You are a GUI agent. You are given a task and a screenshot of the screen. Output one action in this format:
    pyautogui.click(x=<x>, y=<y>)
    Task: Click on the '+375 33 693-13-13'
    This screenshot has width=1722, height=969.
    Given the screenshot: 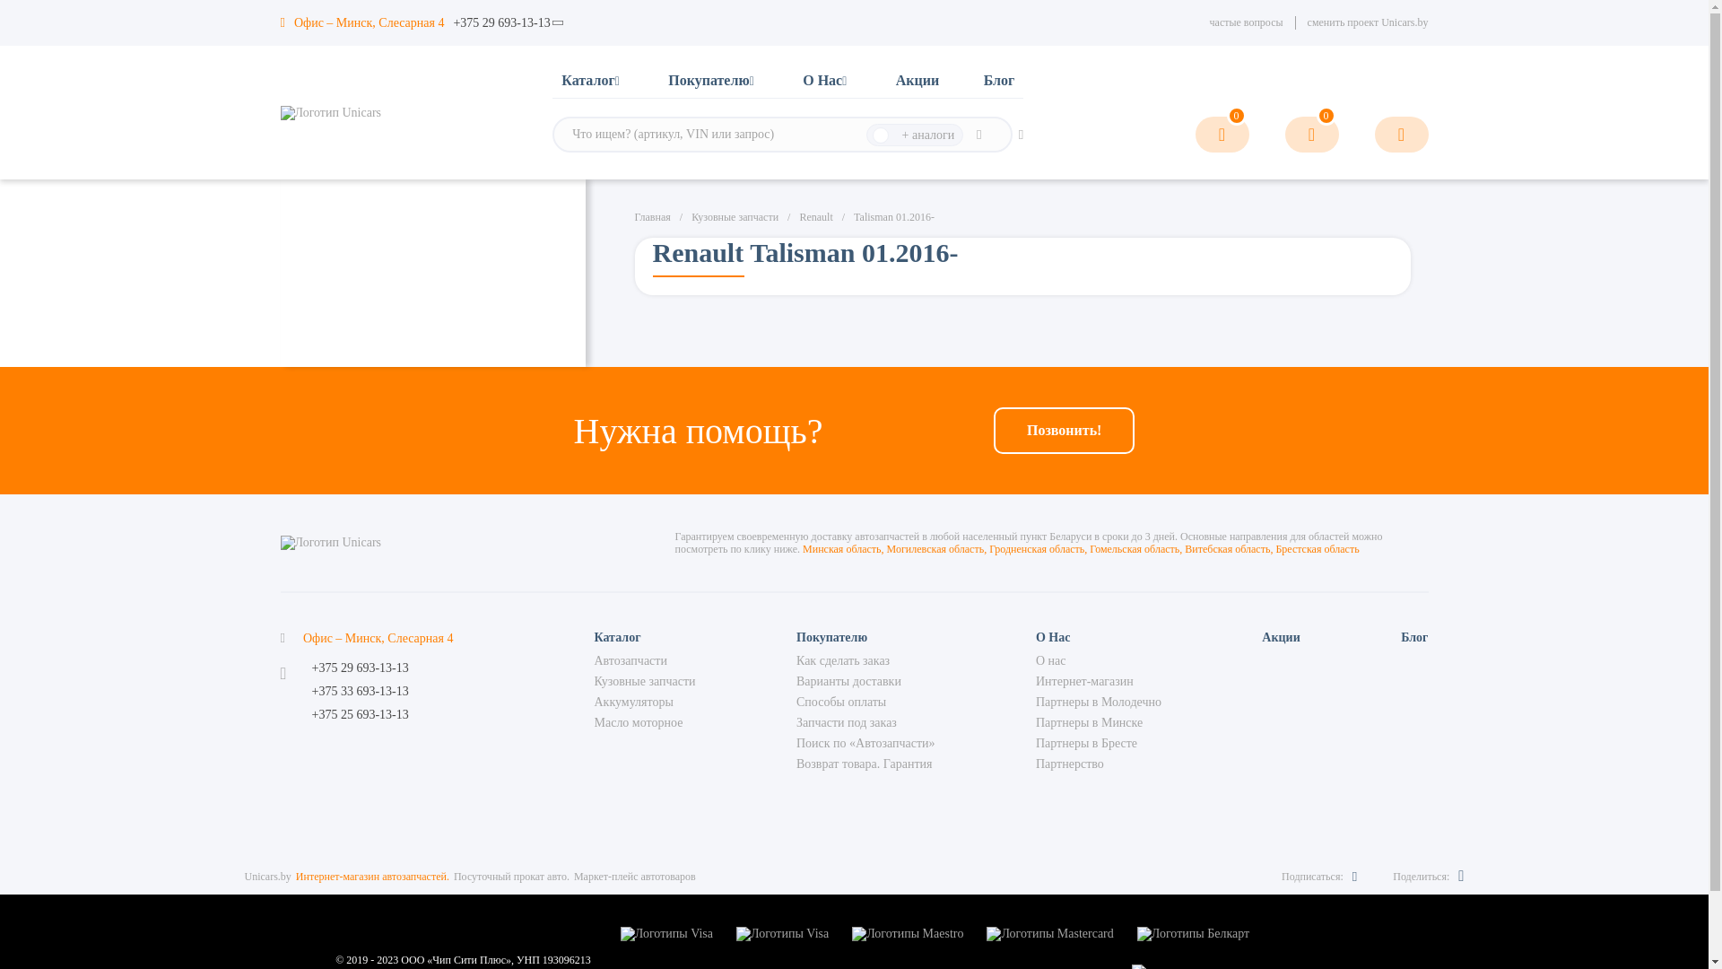 What is the action you would take?
    pyautogui.click(x=311, y=691)
    